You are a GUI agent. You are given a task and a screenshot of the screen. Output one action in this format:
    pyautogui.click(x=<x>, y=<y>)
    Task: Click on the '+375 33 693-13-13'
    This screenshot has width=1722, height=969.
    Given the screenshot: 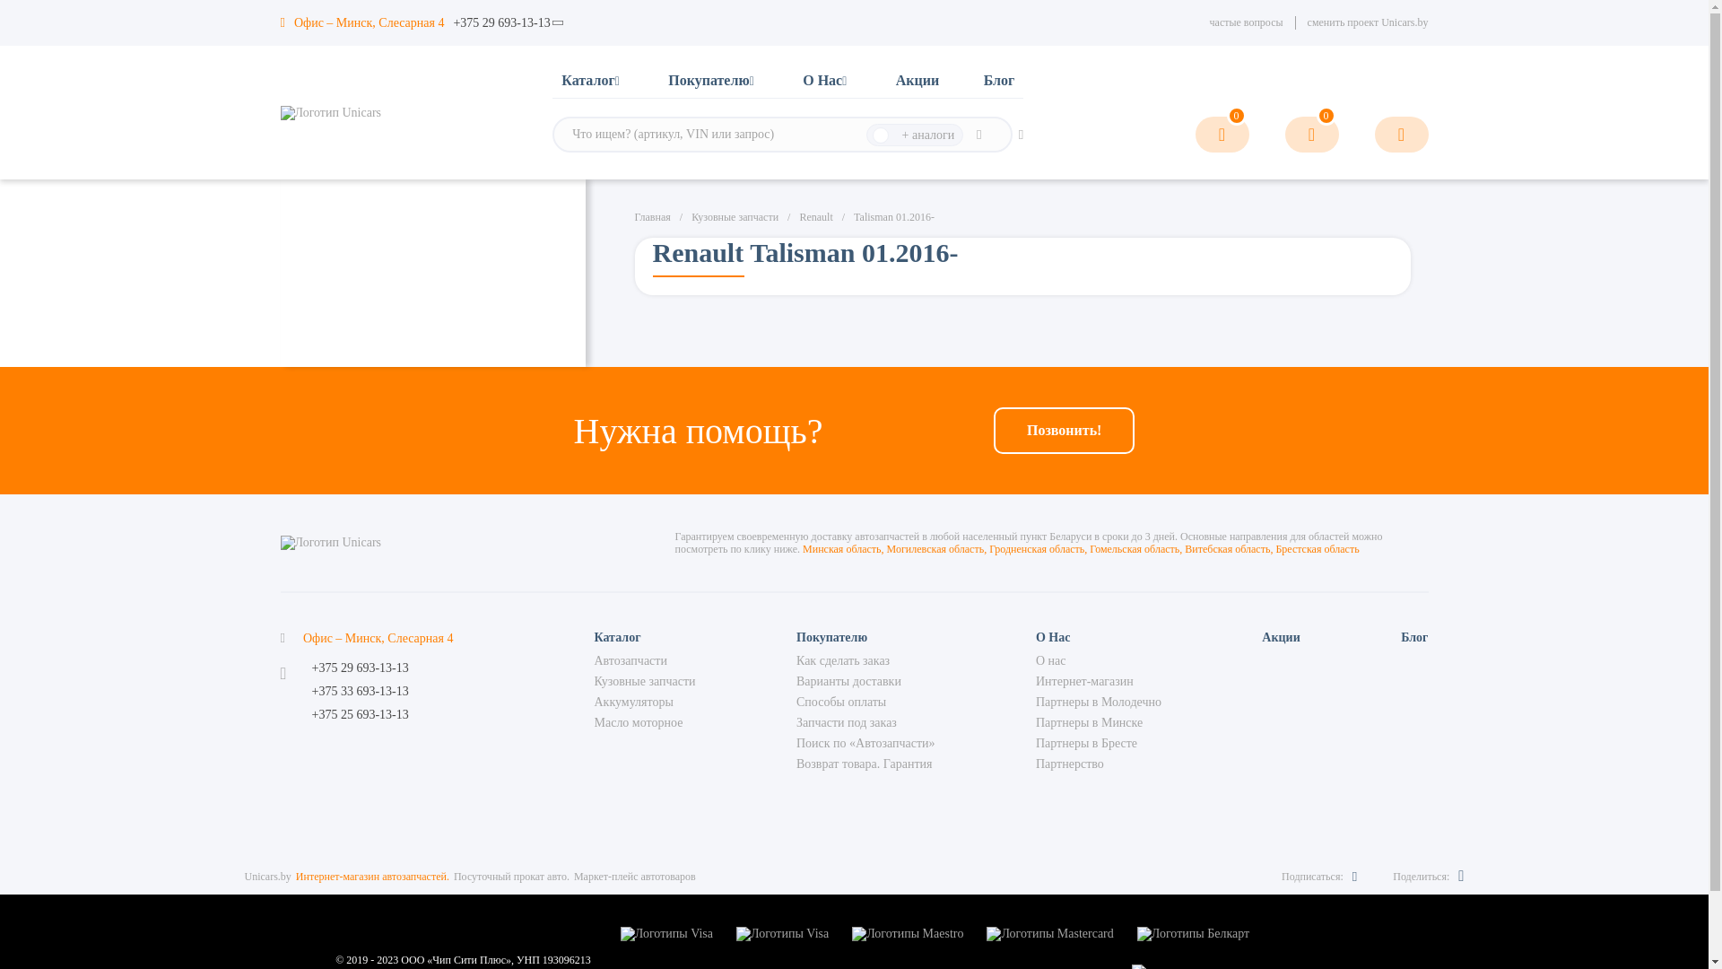 What is the action you would take?
    pyautogui.click(x=311, y=691)
    